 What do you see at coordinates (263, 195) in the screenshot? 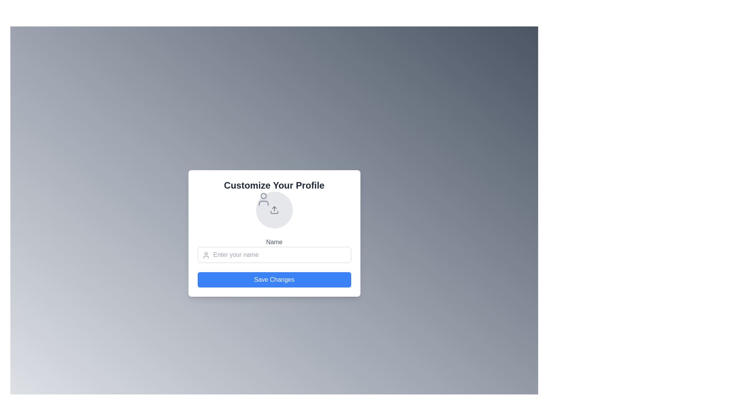
I see `the Circle SVG element that represents the user's profile picture in the profile customization interface, located in the upper-center portion of the profile customization card` at bounding box center [263, 195].